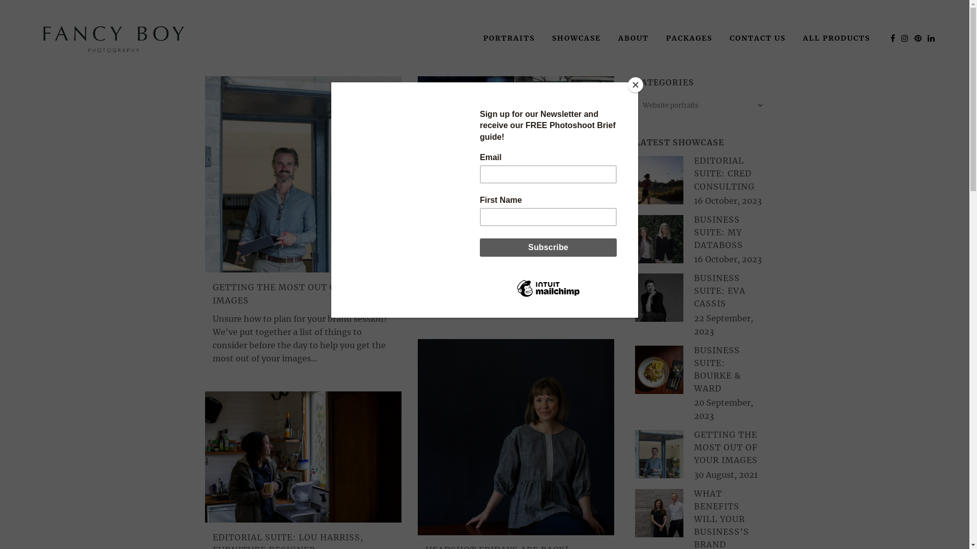 The image size is (977, 549). I want to click on 'GETTING THE MOST OUT OF YOUR IMAGES', so click(290, 293).